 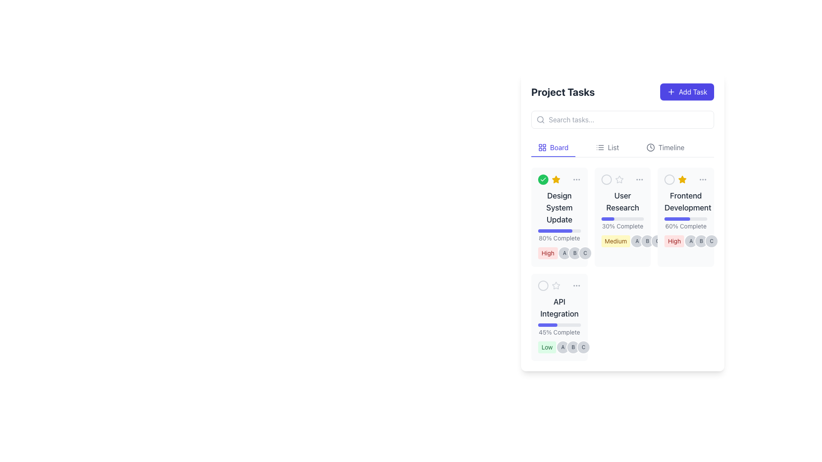 I want to click on the 'Low' priority badge located at the bottom-left of the task card, so click(x=546, y=347).